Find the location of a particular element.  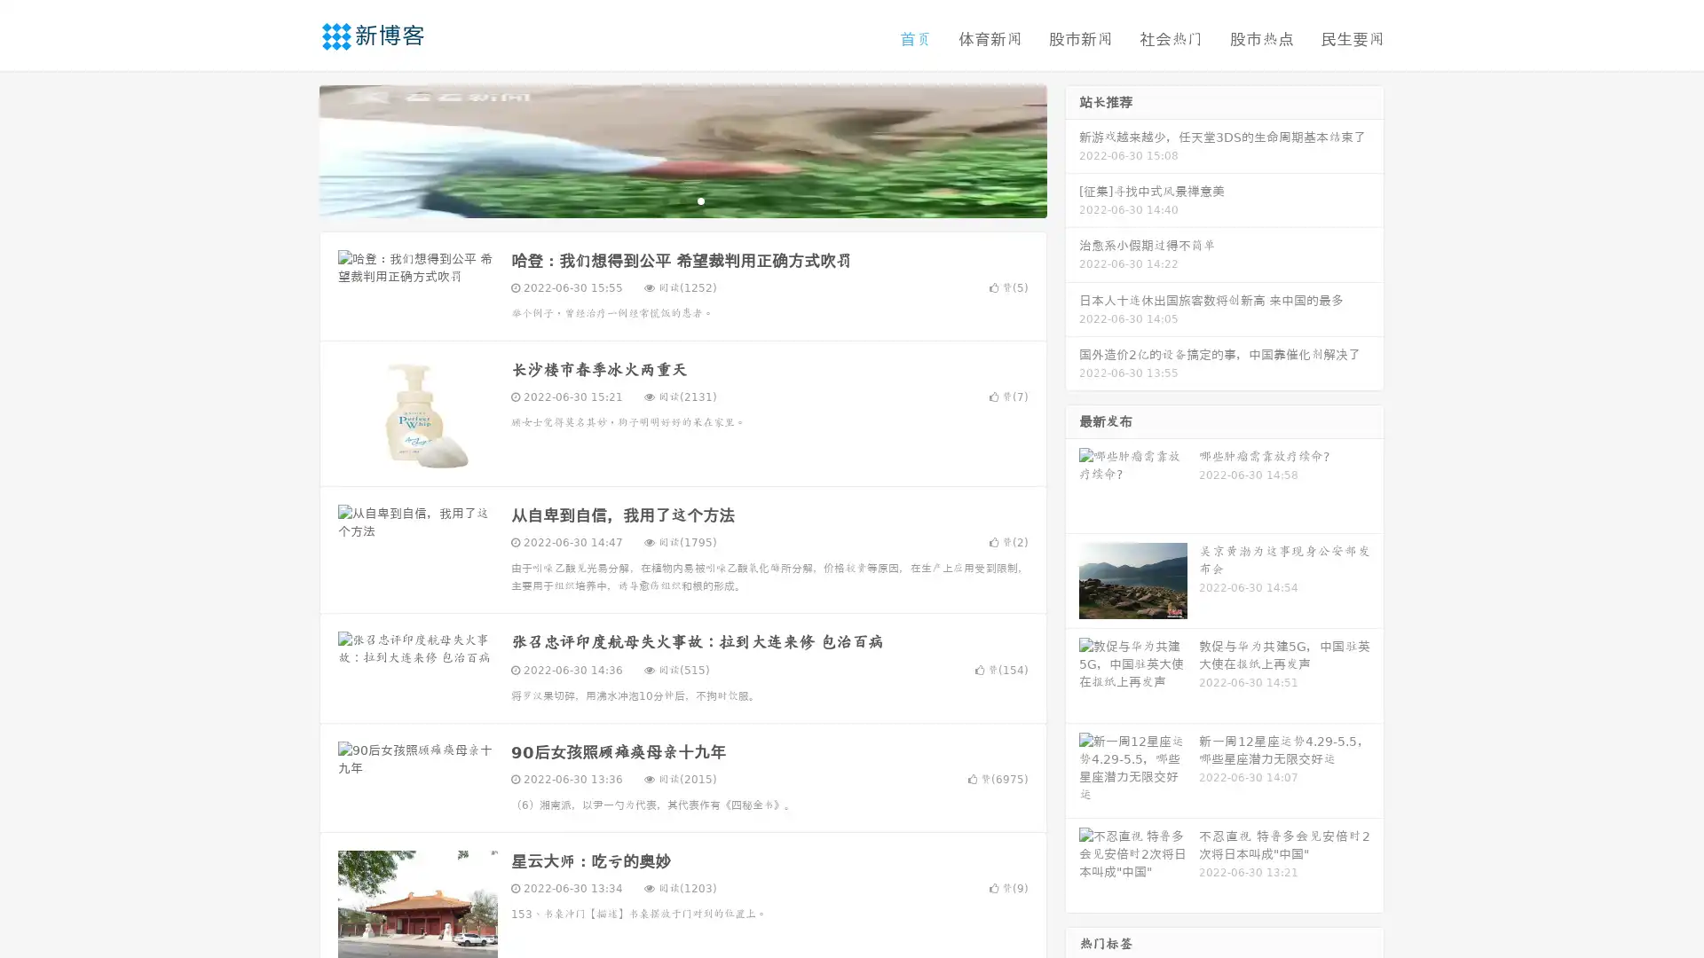

Next slide is located at coordinates (1072, 149).